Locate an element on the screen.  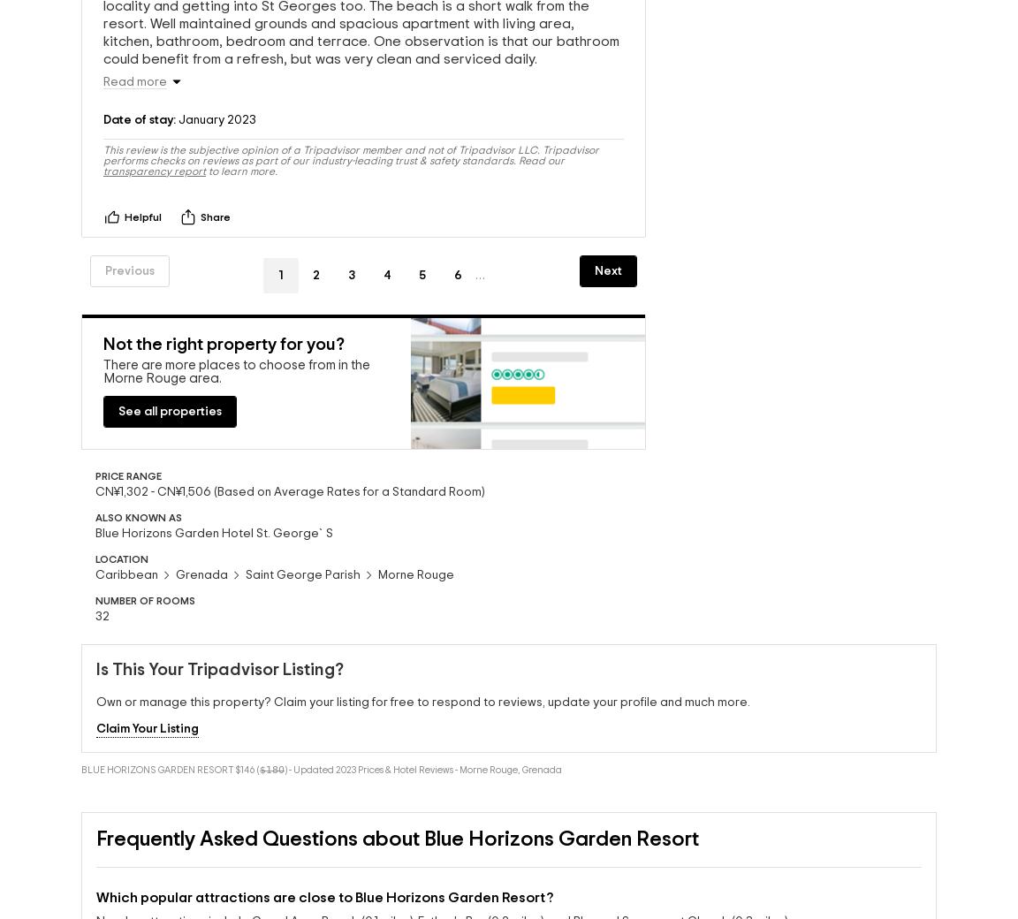
'This review is the subjective opinion of a Tripadvisor member and not of Tripadvisor LLC. Tripadvisor performs checks on reviews as part of our industry-leading trust & safety standards. Read our' is located at coordinates (350, 159).